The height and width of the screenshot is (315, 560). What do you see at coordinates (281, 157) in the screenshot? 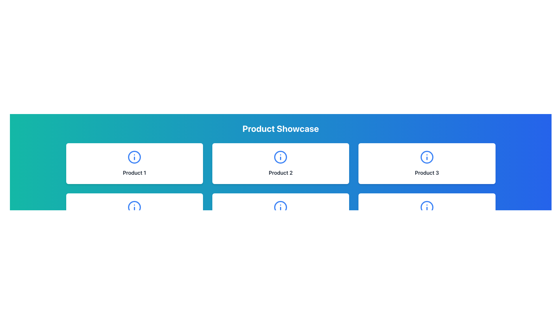
I see `the informational icon located centrally above the 'Product 2' label text, which serves to provide additional details about 'Product 2'` at bounding box center [281, 157].